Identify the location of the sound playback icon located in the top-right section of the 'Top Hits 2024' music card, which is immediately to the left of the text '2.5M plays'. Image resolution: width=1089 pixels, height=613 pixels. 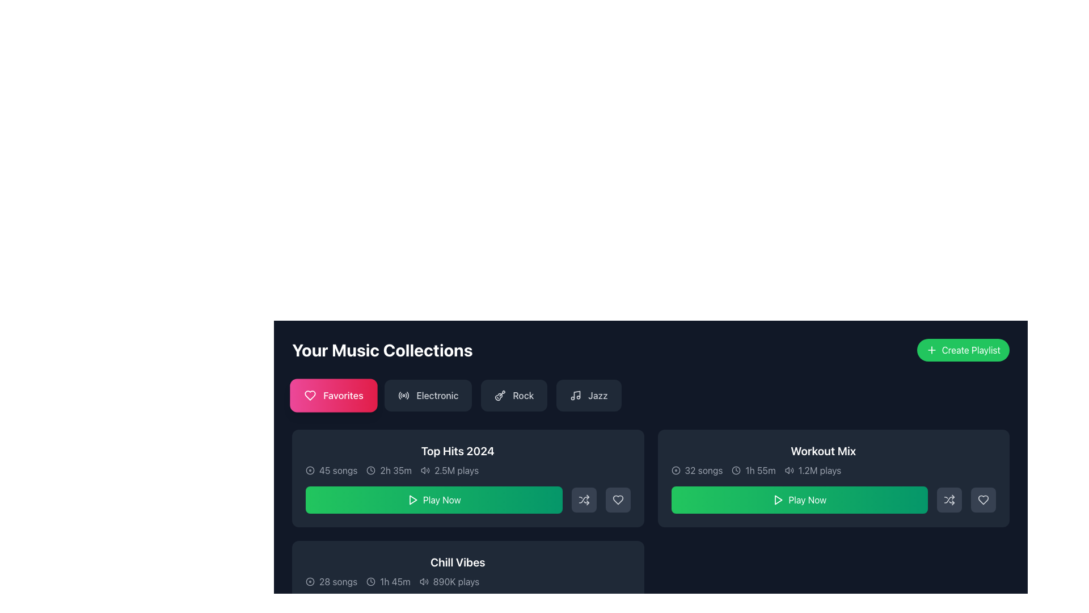
(424, 471).